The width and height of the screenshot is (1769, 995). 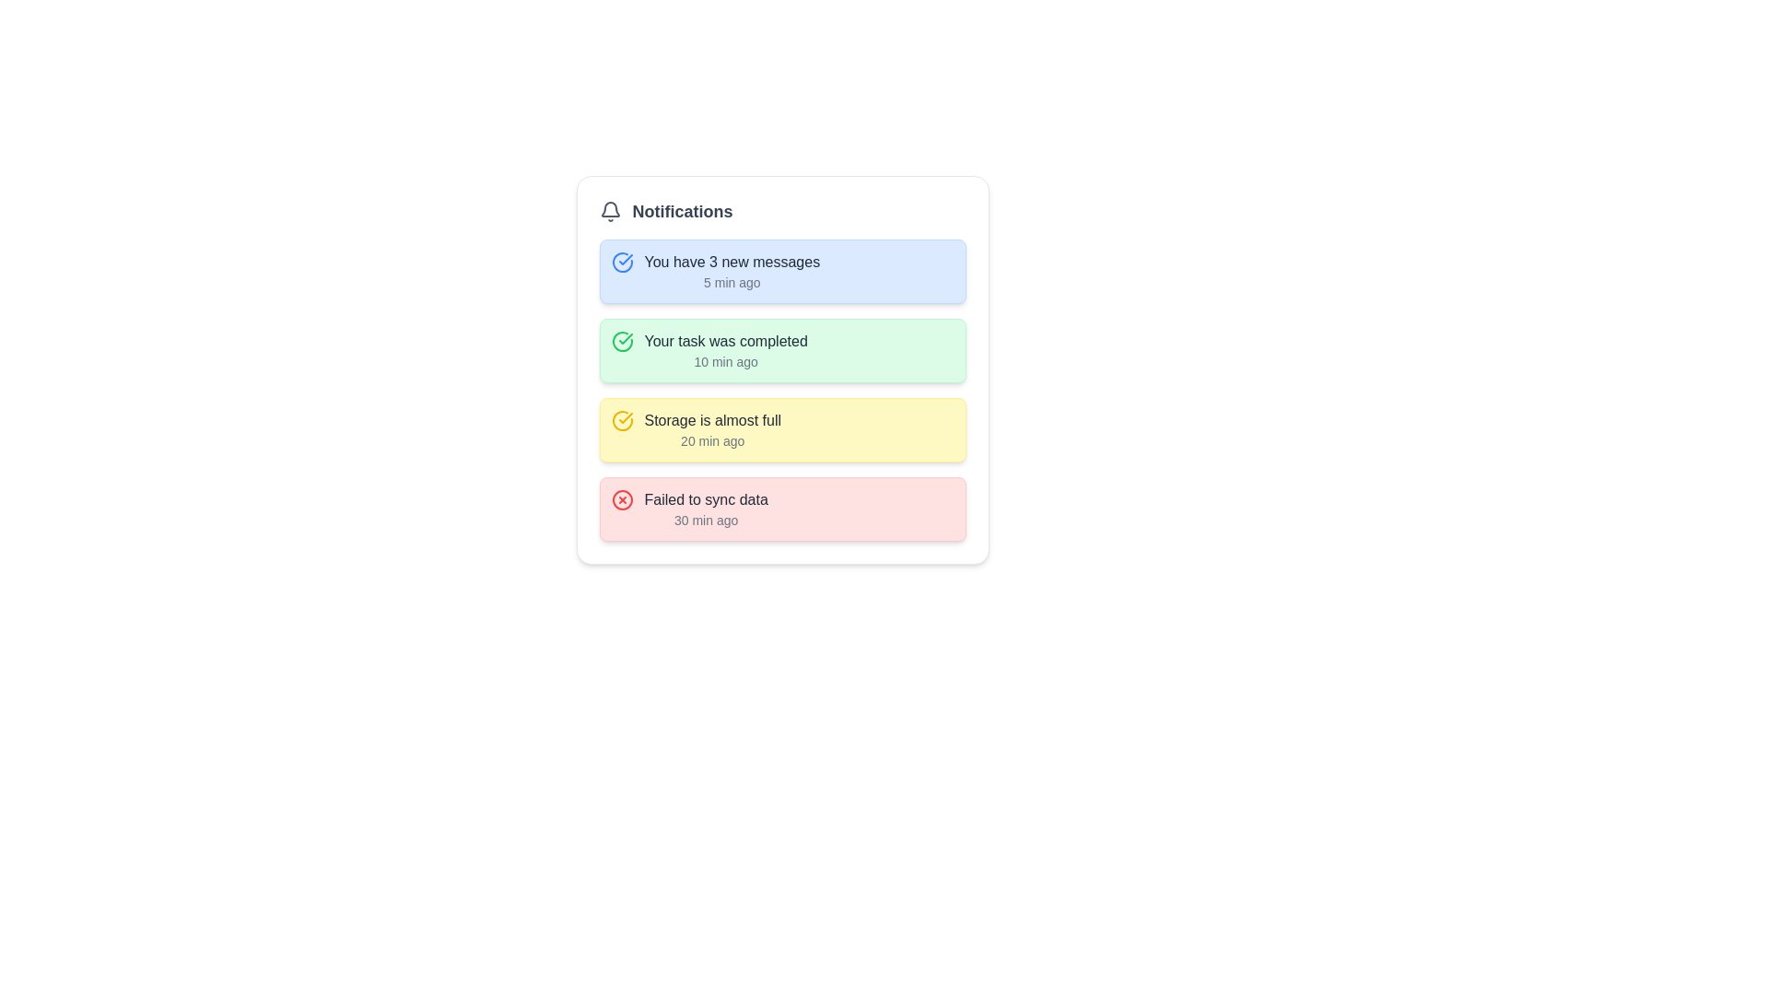 I want to click on the notification box with a red background that indicates 'Failed to sync data' to view more details, so click(x=782, y=509).